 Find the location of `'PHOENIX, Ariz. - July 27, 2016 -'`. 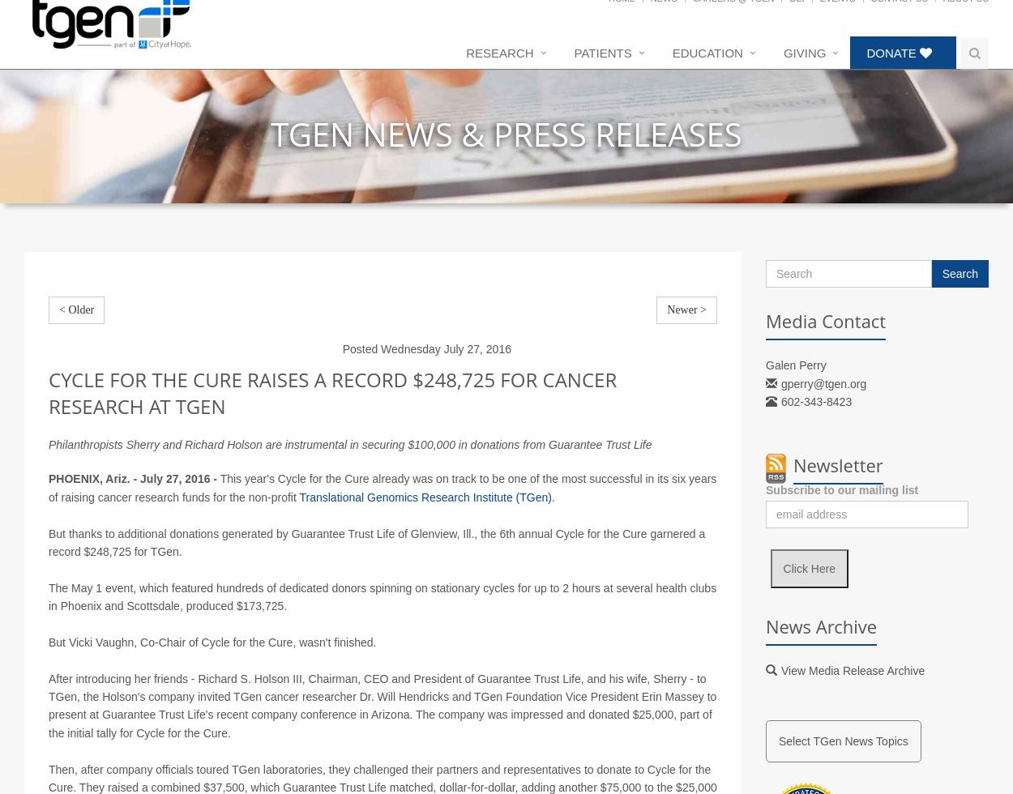

'PHOENIX, Ariz. - July 27, 2016 -' is located at coordinates (133, 497).